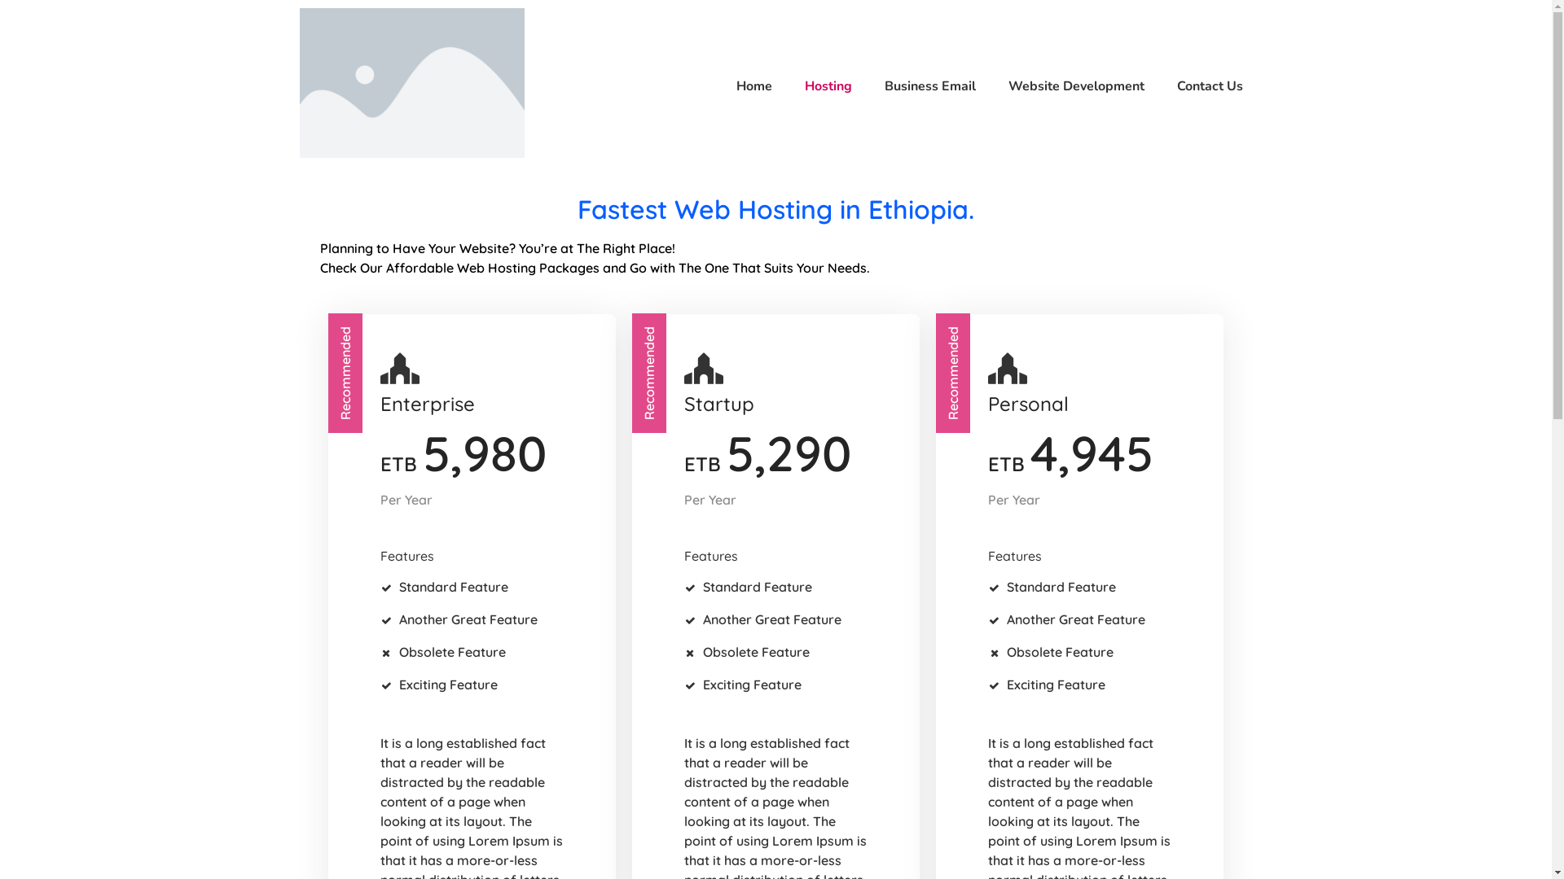 Image resolution: width=1564 pixels, height=879 pixels. What do you see at coordinates (1068, 85) in the screenshot?
I see `'Website Development'` at bounding box center [1068, 85].